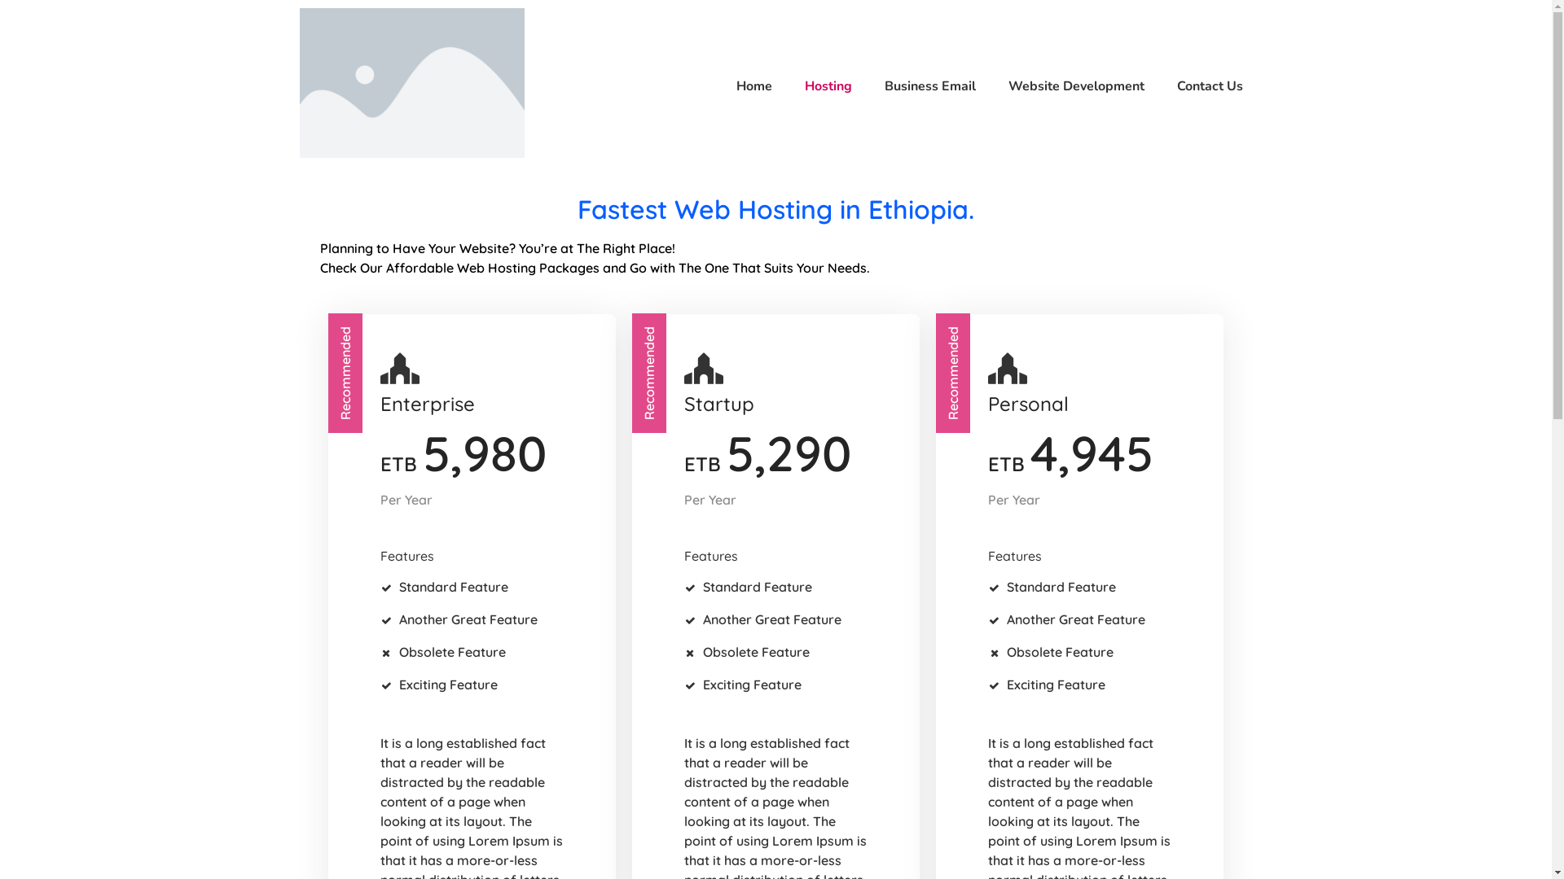 Image resolution: width=1564 pixels, height=879 pixels. What do you see at coordinates (1068, 85) in the screenshot?
I see `'Website Development'` at bounding box center [1068, 85].